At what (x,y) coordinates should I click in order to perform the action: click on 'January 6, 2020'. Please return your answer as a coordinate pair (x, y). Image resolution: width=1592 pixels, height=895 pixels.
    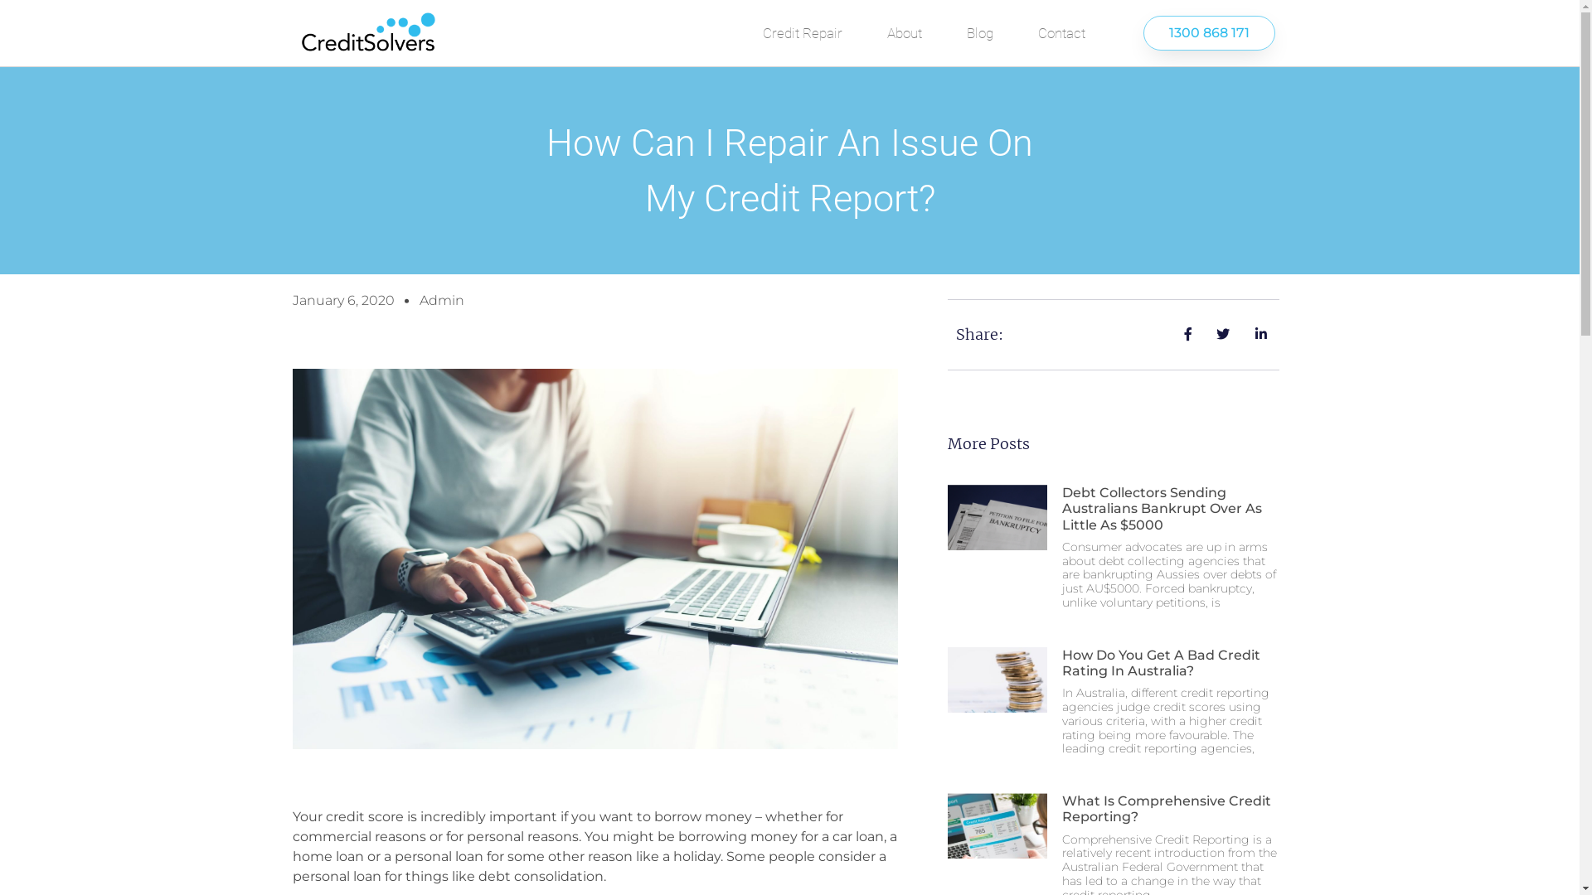
    Looking at the image, I should click on (342, 300).